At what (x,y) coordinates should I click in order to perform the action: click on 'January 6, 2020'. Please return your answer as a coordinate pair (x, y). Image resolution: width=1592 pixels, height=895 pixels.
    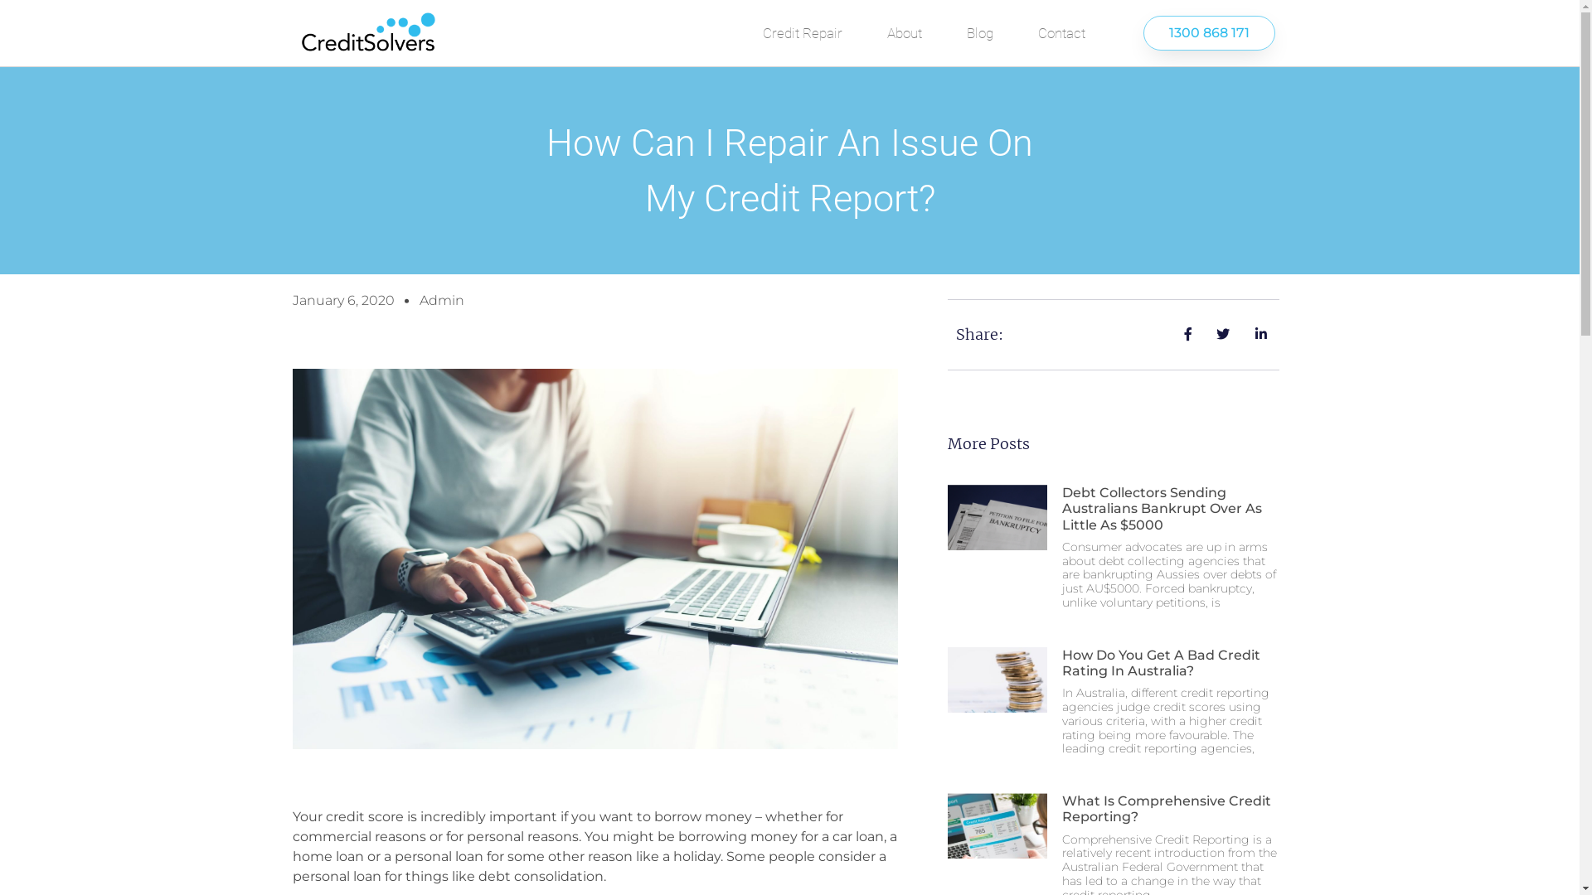
    Looking at the image, I should click on (342, 300).